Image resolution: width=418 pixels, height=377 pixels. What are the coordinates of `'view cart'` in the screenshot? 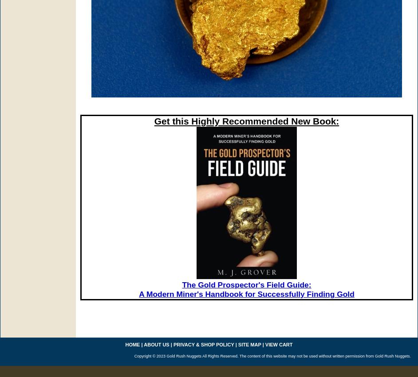 It's located at (278, 344).